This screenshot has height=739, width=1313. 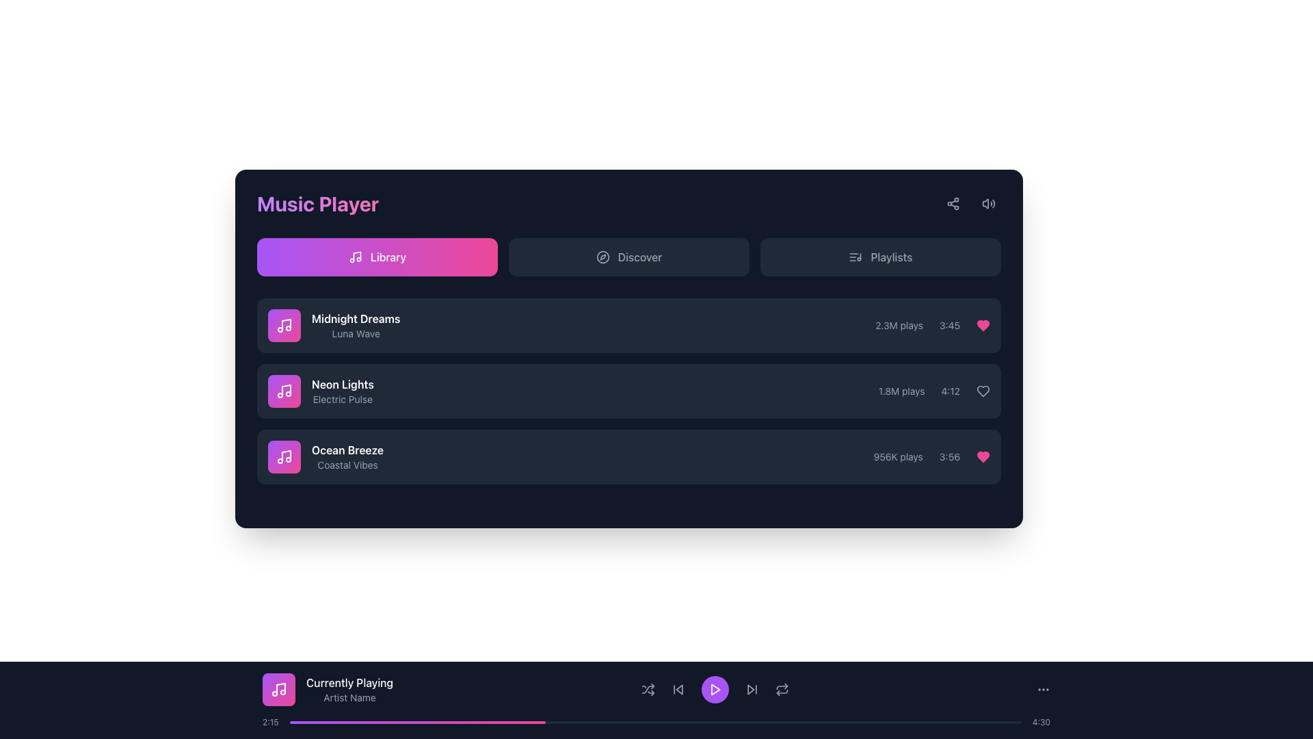 What do you see at coordinates (983, 456) in the screenshot?
I see `the heart icon on the right side of the 'Ocean Breeze' song entry to mark the song as favorite` at bounding box center [983, 456].